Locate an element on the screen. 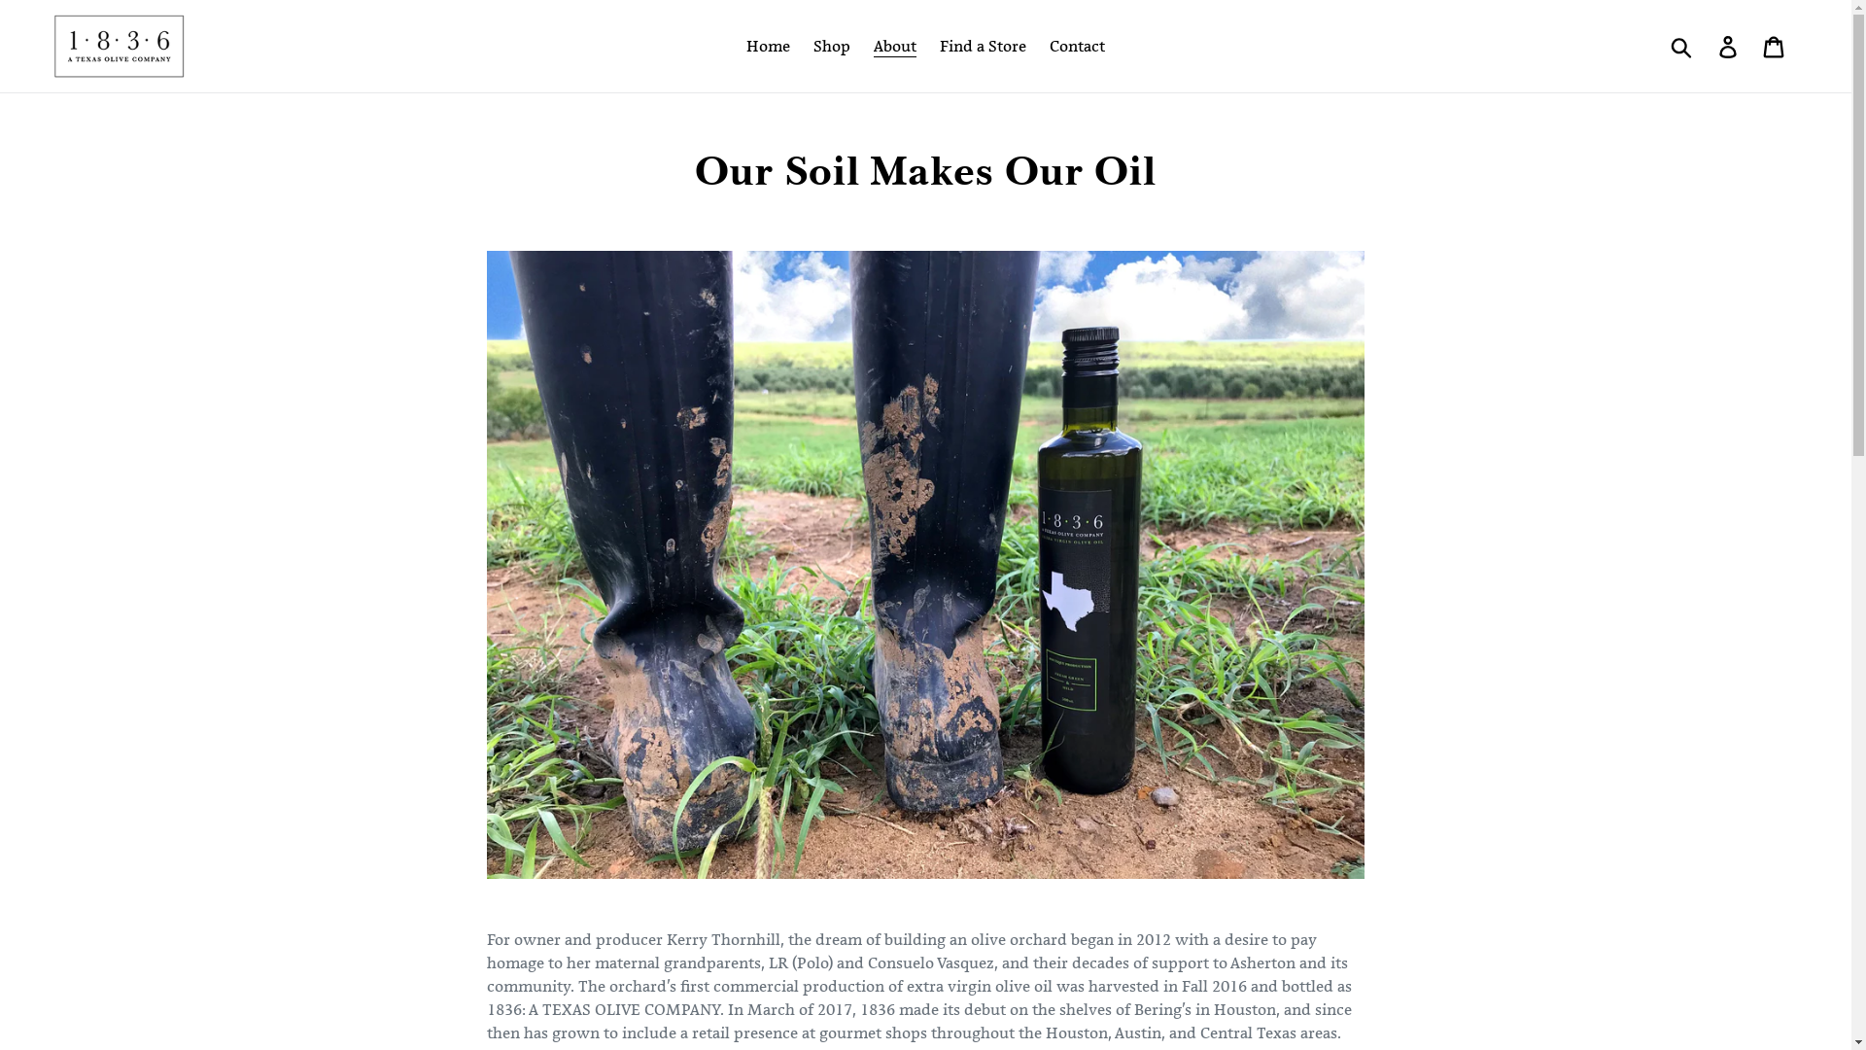  'Log in' is located at coordinates (1729, 45).